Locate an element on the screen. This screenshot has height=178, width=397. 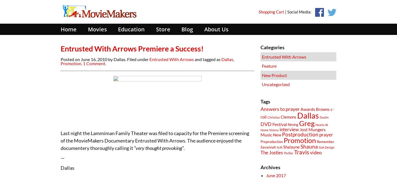
'Greg' is located at coordinates (306, 123).